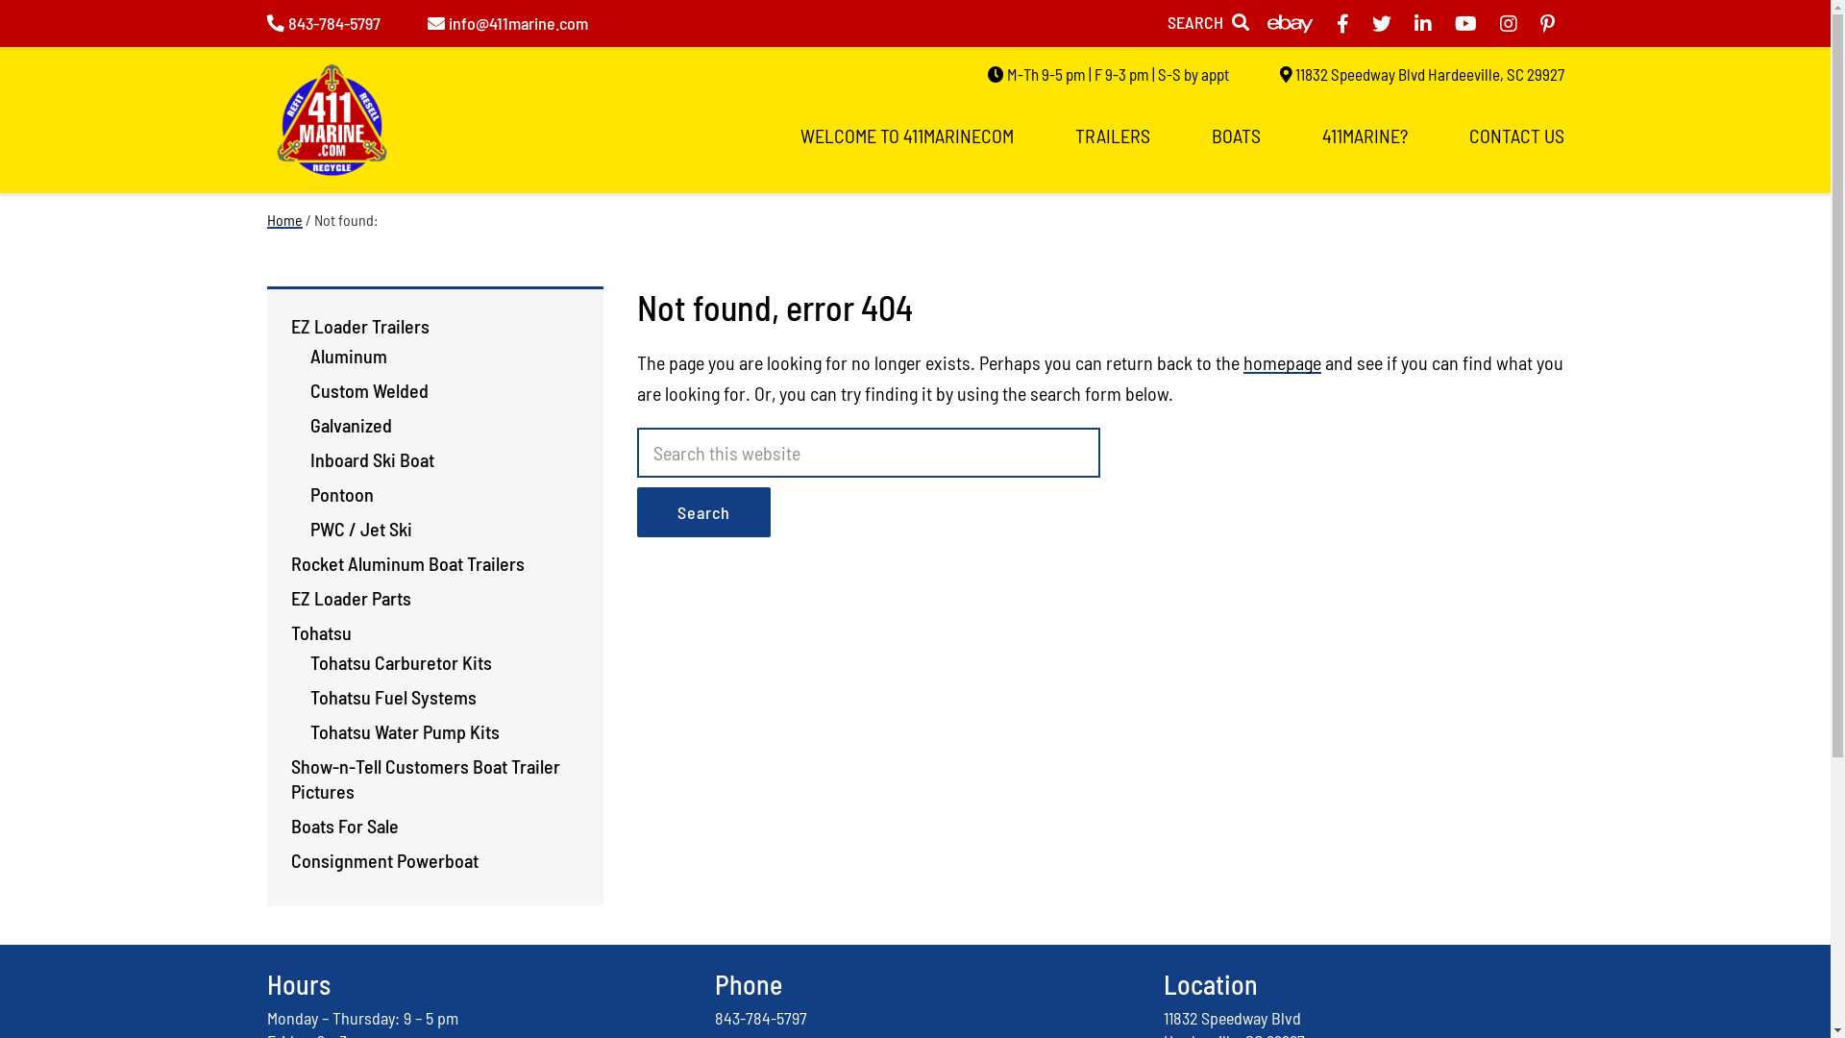 This screenshot has width=1845, height=1038. What do you see at coordinates (0, 0) in the screenshot?
I see `'Skip to primary navigation'` at bounding box center [0, 0].